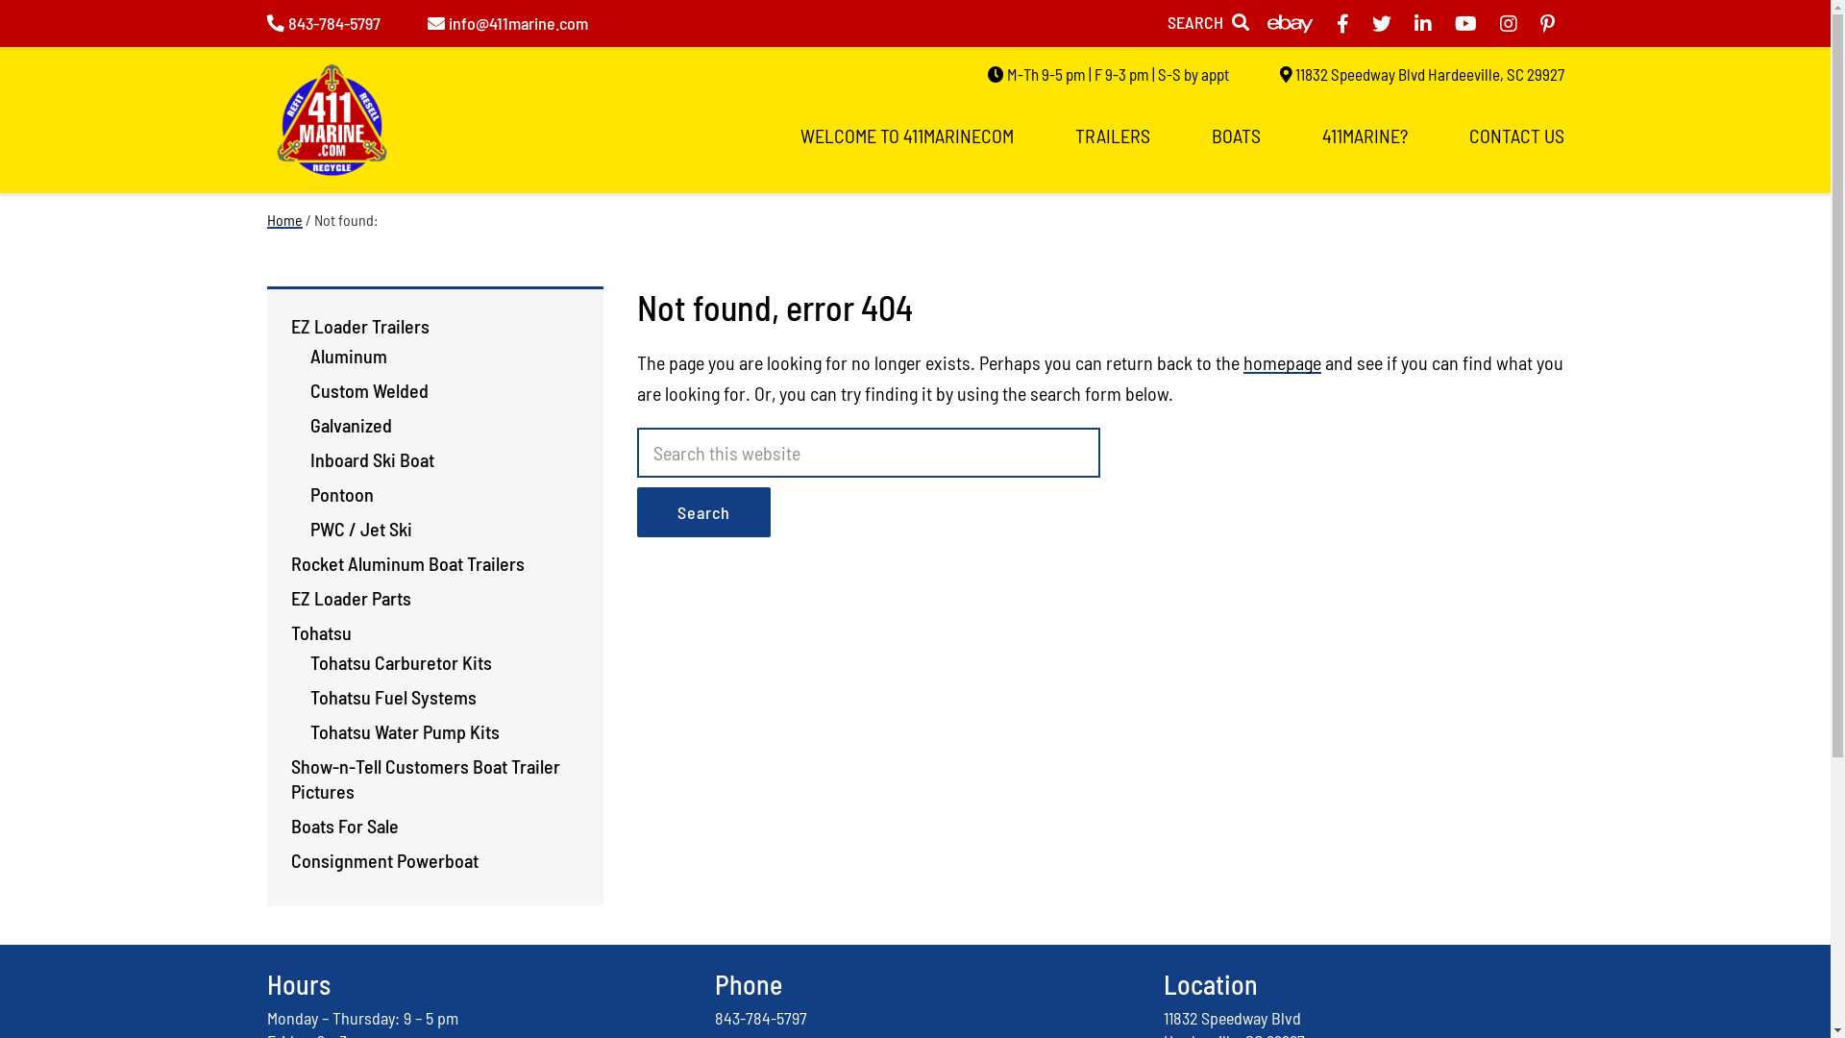 This screenshot has width=1845, height=1038. What do you see at coordinates (0, 0) in the screenshot?
I see `'Skip to primary navigation'` at bounding box center [0, 0].